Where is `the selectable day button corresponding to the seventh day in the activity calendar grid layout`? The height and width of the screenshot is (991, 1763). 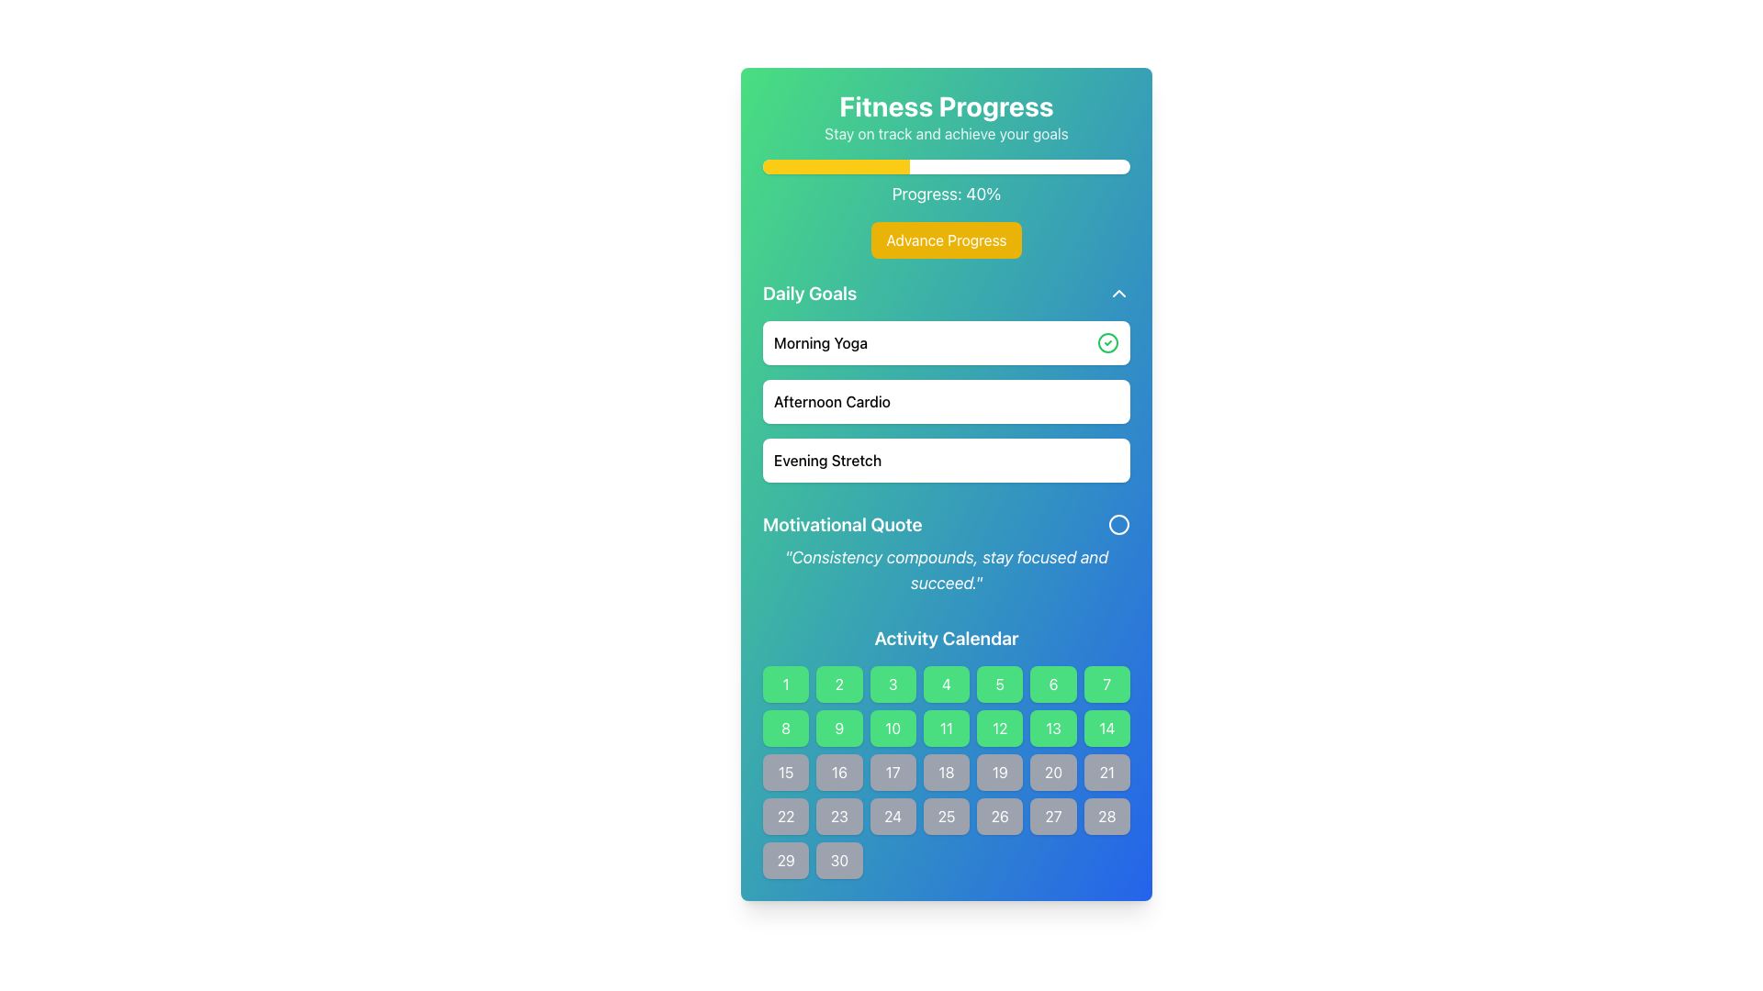 the selectable day button corresponding to the seventh day in the activity calendar grid layout is located at coordinates (1106, 684).